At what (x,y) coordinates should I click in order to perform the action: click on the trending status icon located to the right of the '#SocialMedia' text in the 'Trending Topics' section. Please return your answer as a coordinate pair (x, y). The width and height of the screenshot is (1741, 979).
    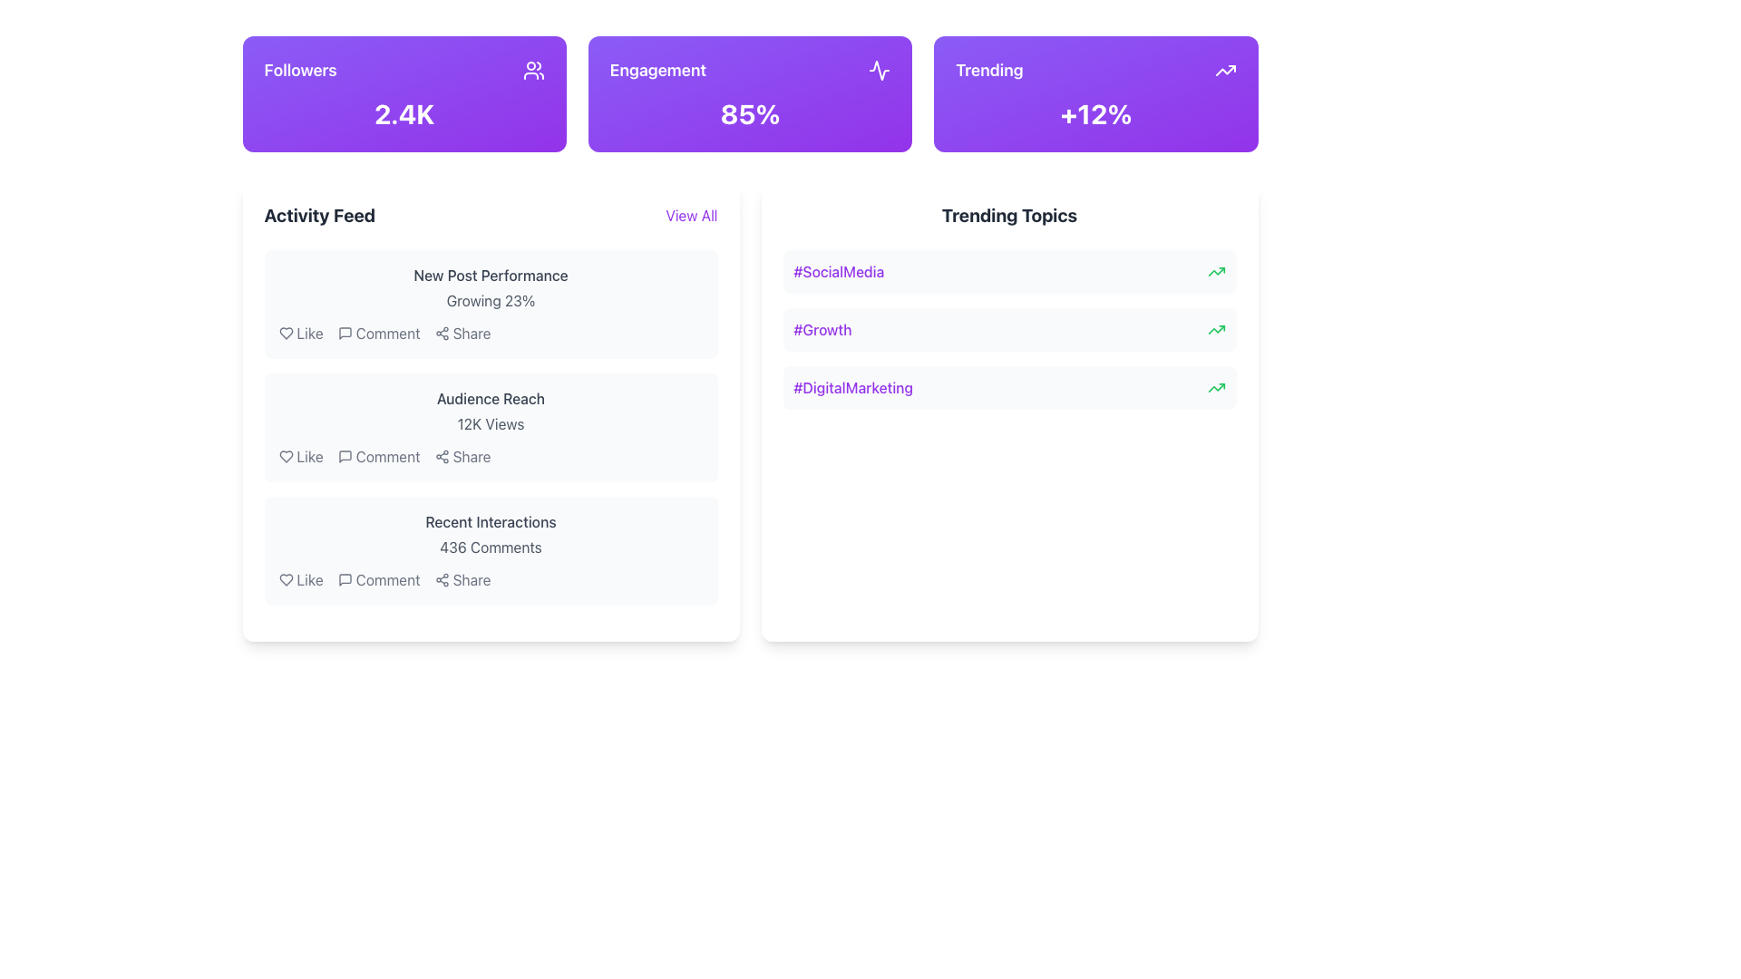
    Looking at the image, I should click on (1216, 272).